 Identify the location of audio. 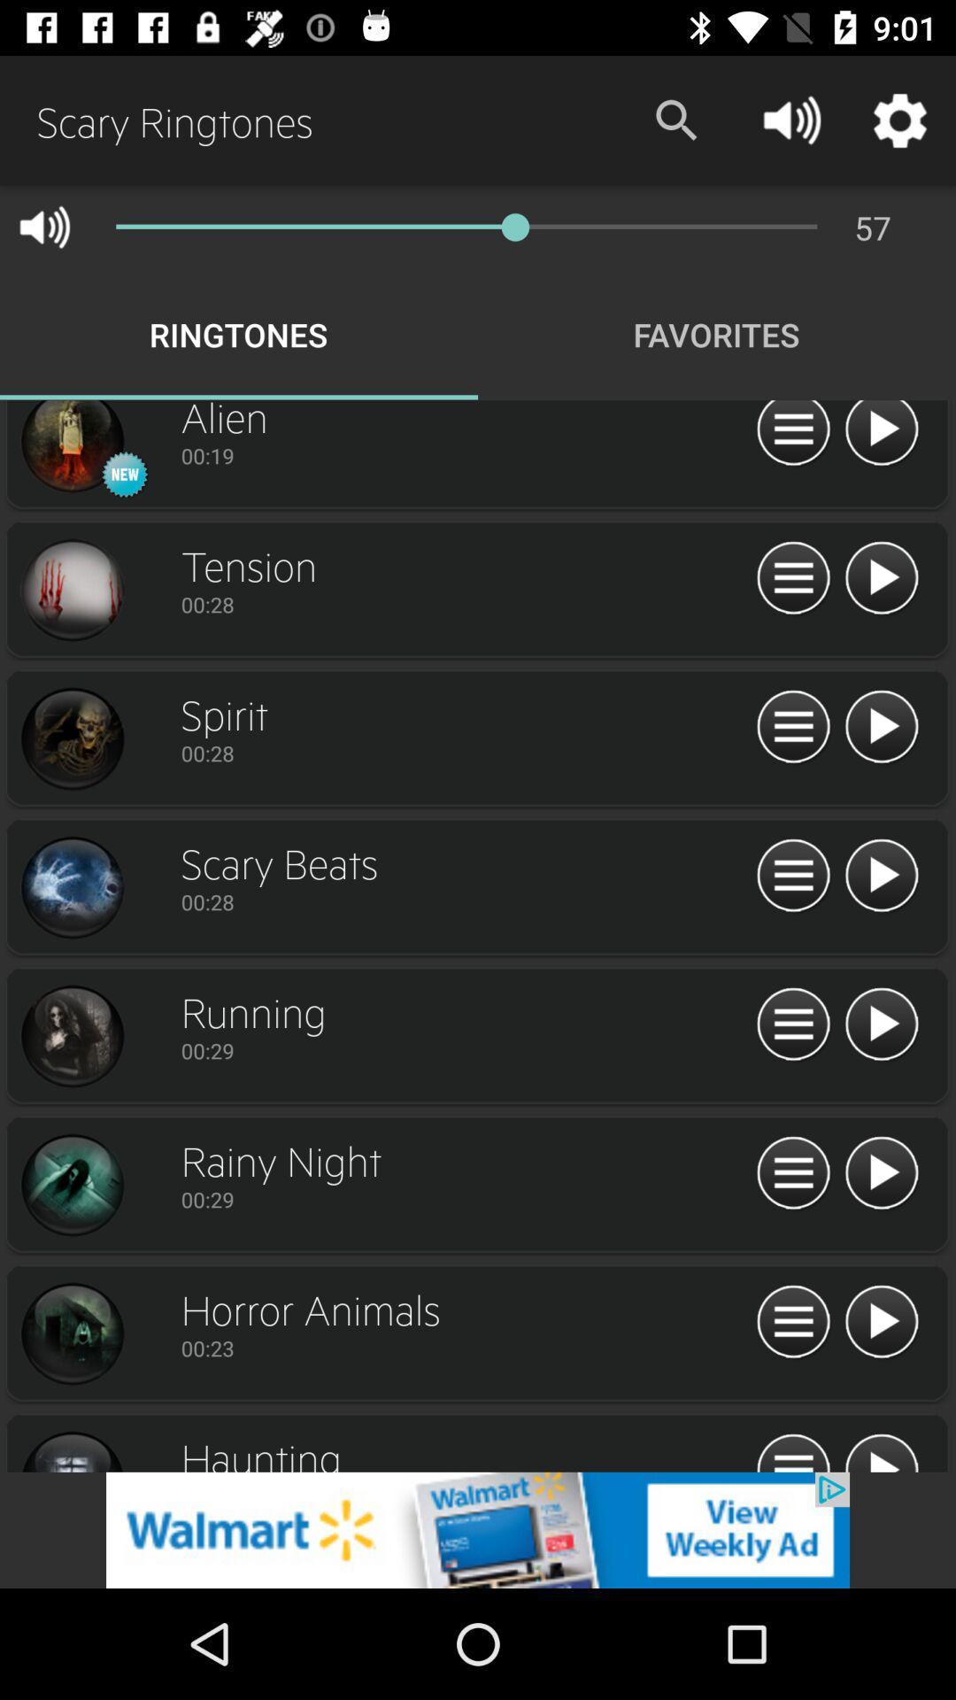
(881, 1450).